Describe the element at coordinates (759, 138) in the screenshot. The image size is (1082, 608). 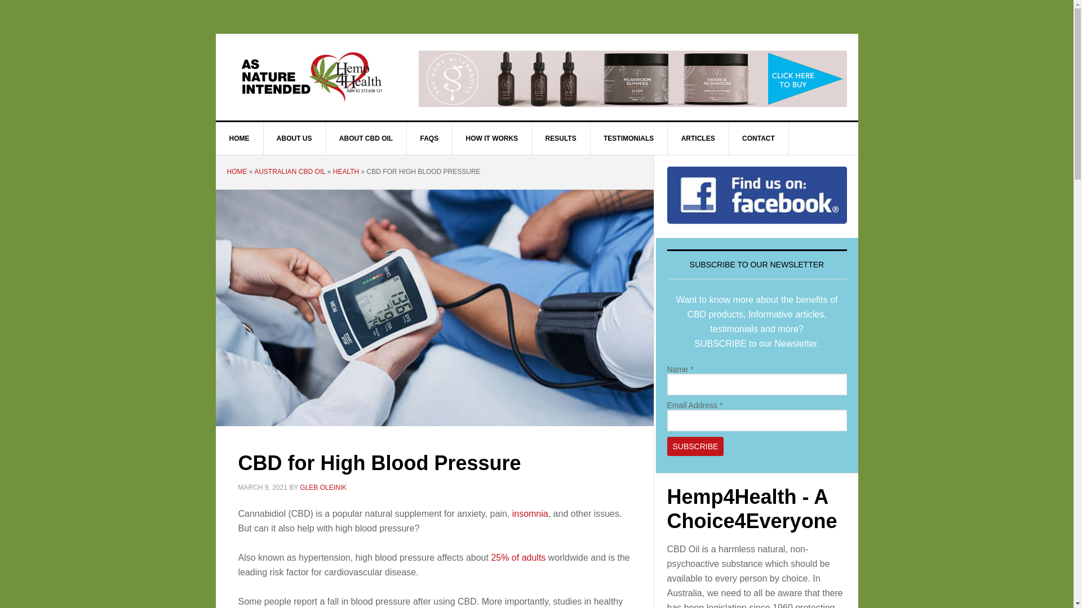
I see `'CONTACT'` at that location.